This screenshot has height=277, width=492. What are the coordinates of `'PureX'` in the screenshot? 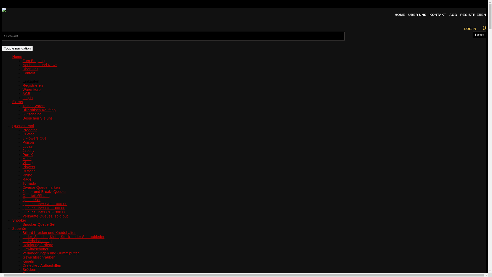 It's located at (27, 154).